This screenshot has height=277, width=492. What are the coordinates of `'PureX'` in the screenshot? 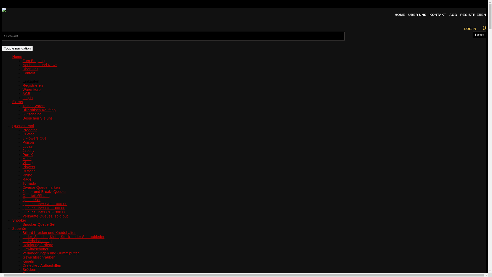 It's located at (27, 154).